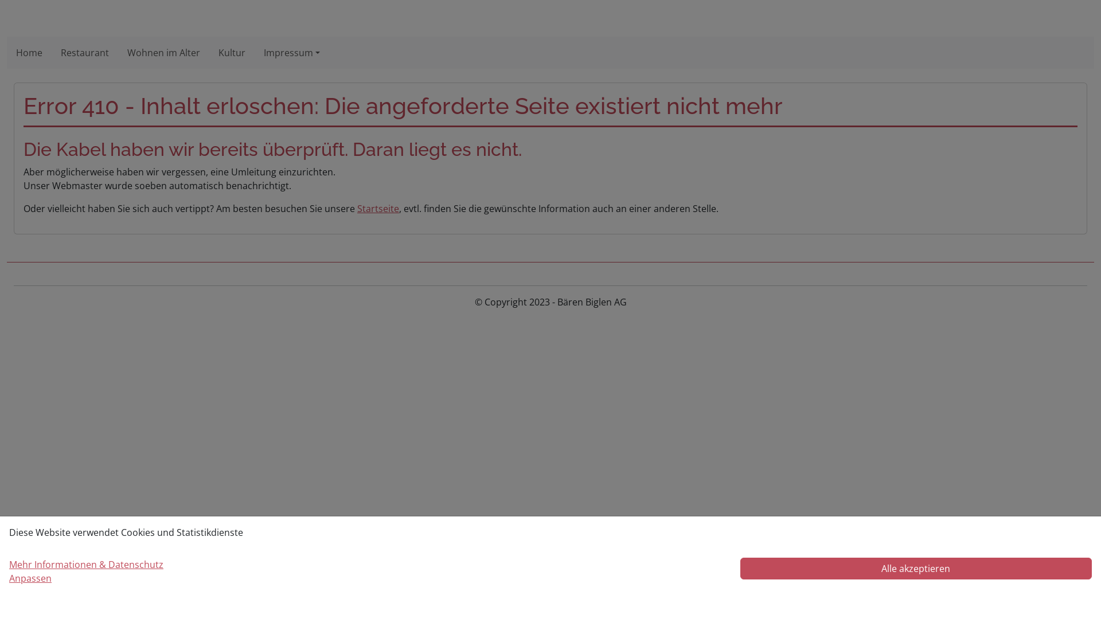  Describe the element at coordinates (915, 568) in the screenshot. I see `'Alle akzeptieren'` at that location.